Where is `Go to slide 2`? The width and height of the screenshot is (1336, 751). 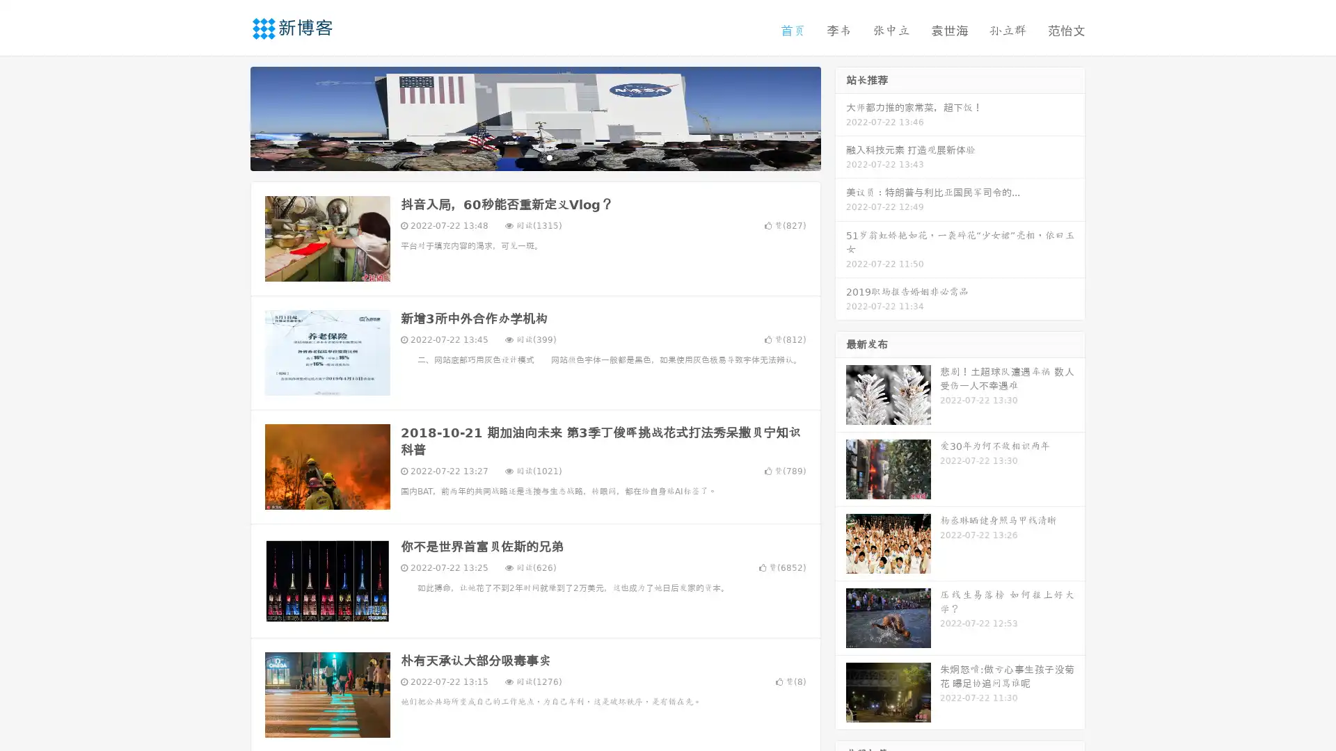 Go to slide 2 is located at coordinates (534, 156).